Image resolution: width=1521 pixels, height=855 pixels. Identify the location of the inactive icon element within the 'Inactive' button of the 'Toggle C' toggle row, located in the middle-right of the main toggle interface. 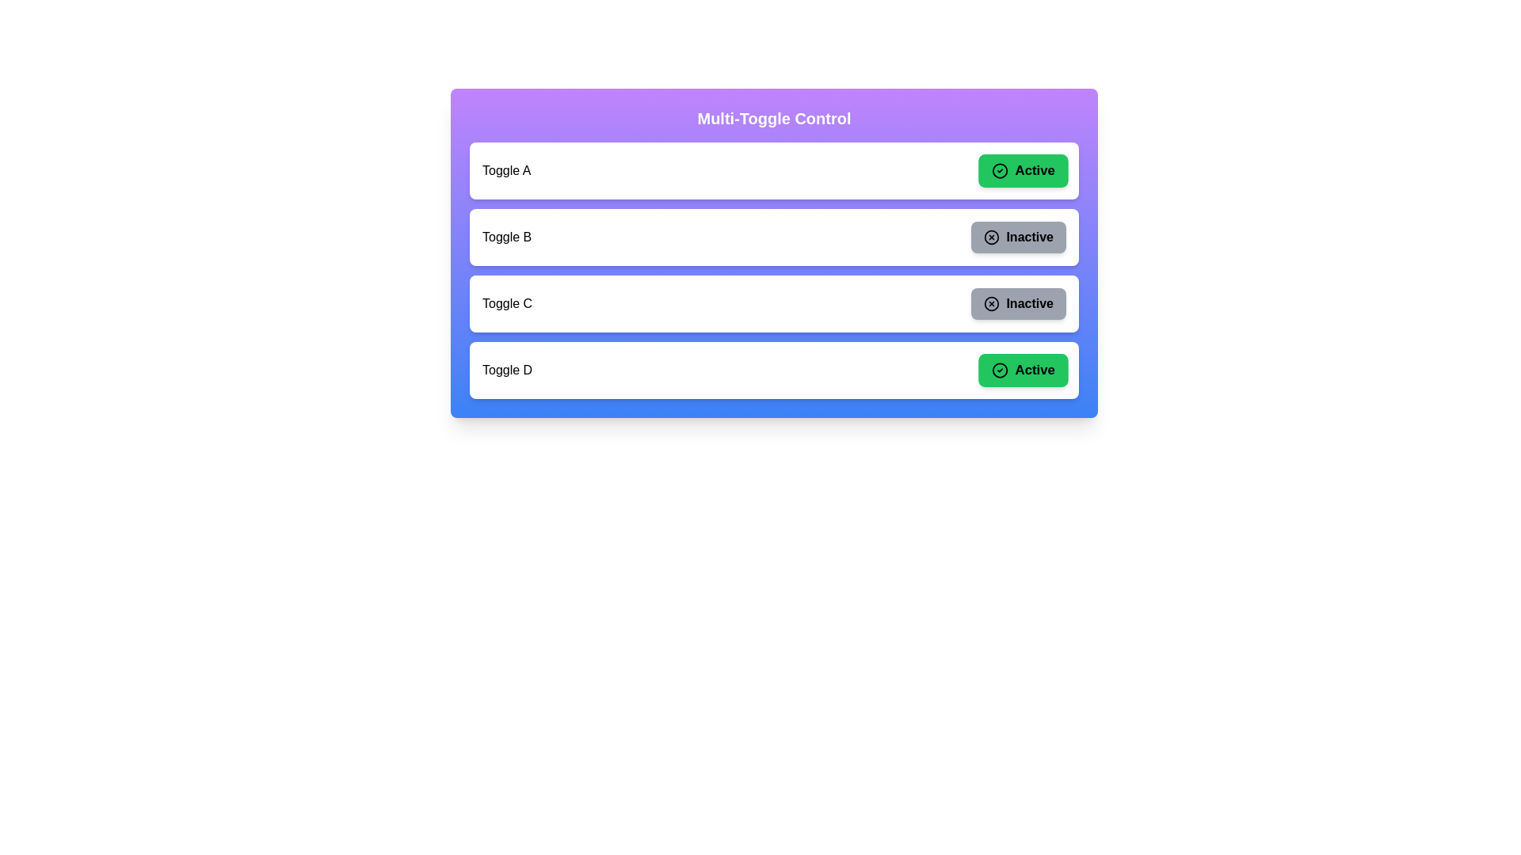
(991, 304).